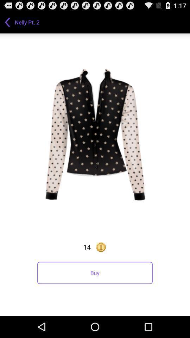 The height and width of the screenshot is (338, 190). What do you see at coordinates (7, 22) in the screenshot?
I see `app to the left of nelly pt. 2` at bounding box center [7, 22].